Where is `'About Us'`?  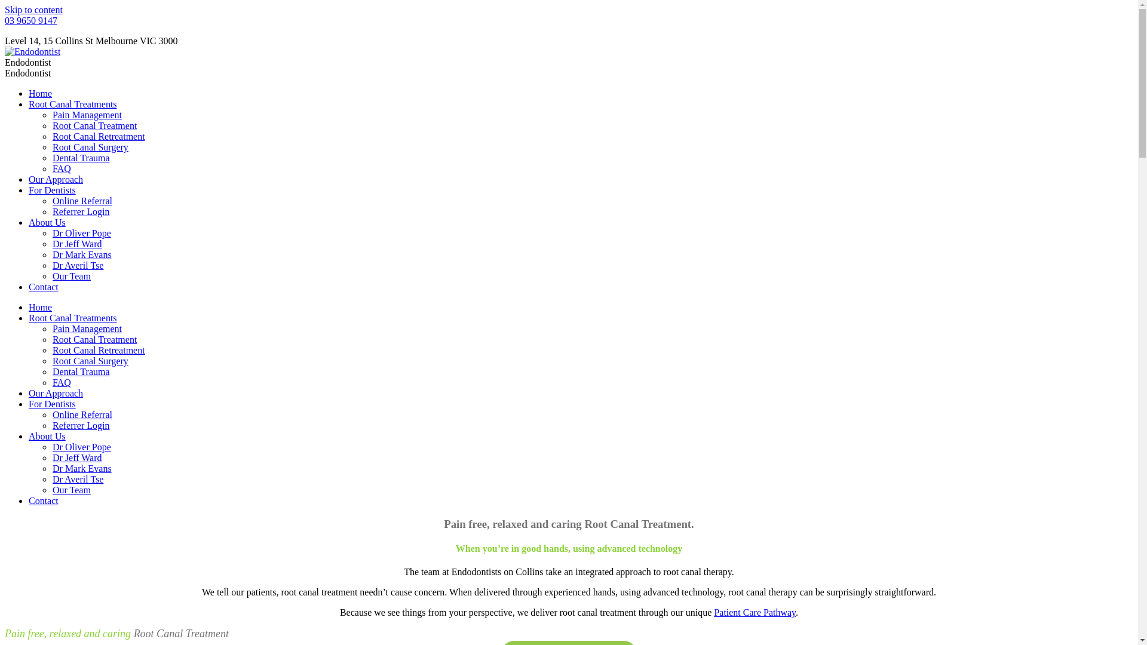 'About Us' is located at coordinates (29, 436).